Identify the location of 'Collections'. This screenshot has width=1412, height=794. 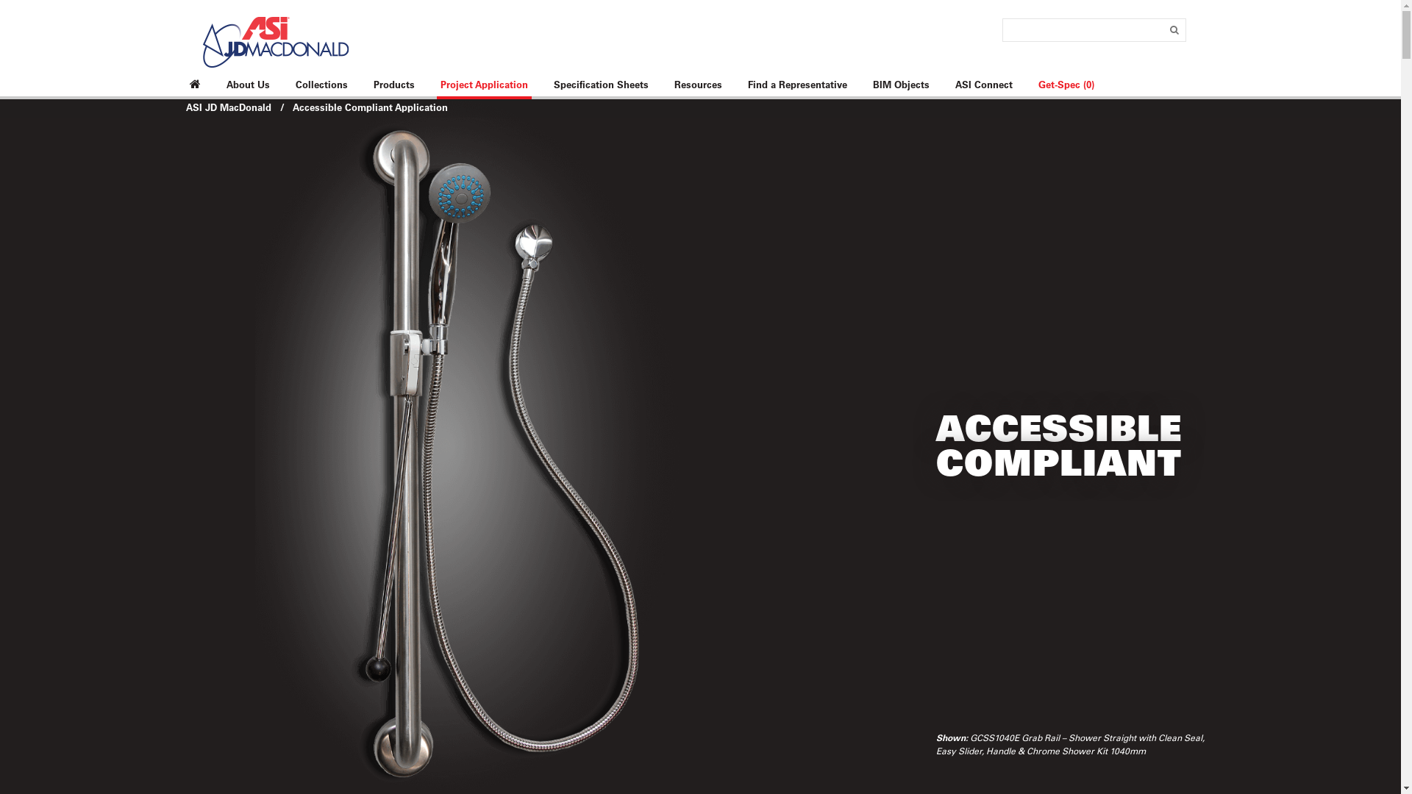
(320, 85).